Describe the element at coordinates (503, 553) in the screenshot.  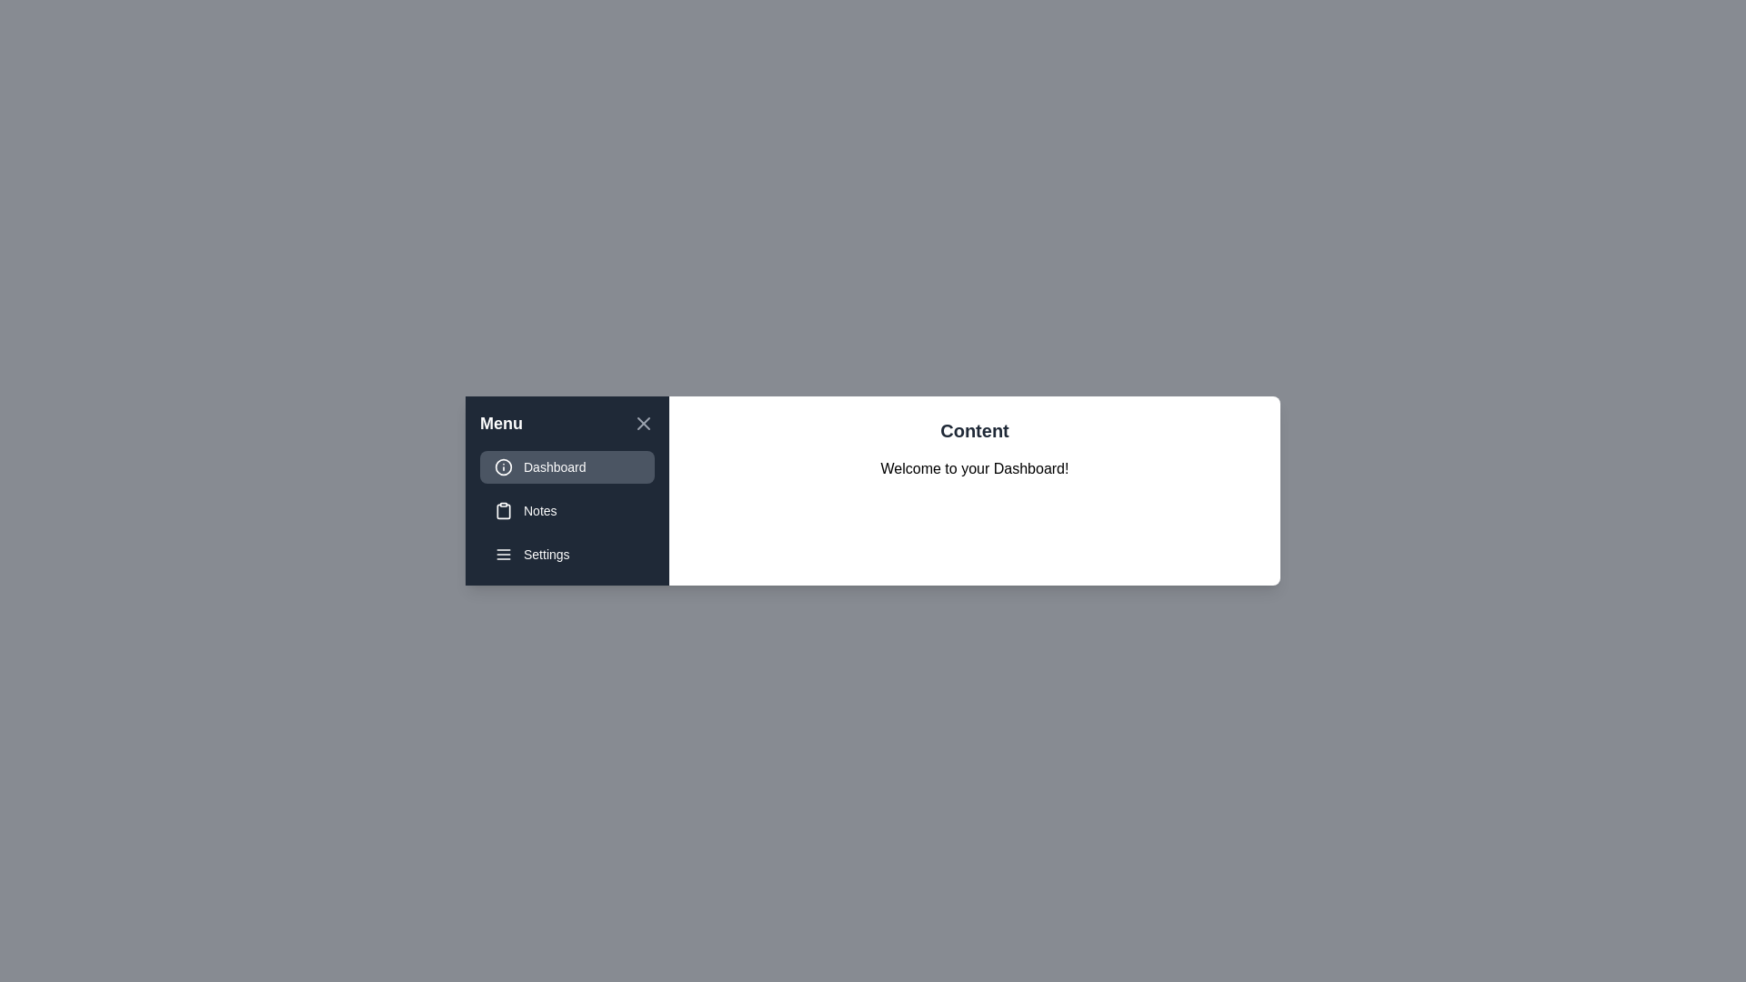
I see `the icon element representing the menu or settings symbol located to the left of the 'Settings' text label for informational purposes` at that location.